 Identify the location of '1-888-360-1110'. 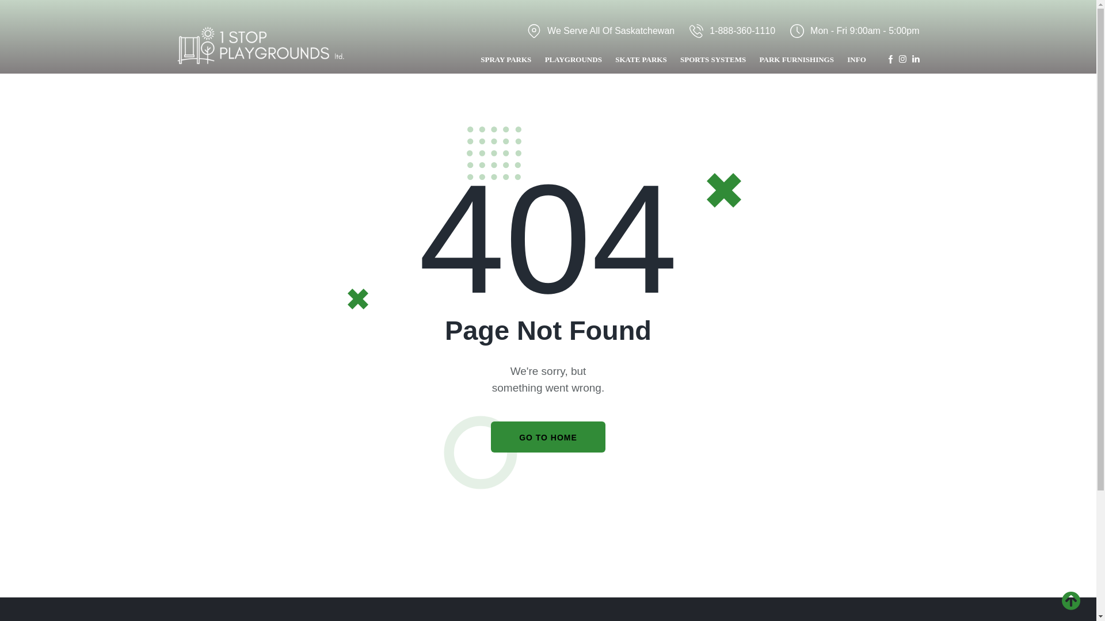
(731, 30).